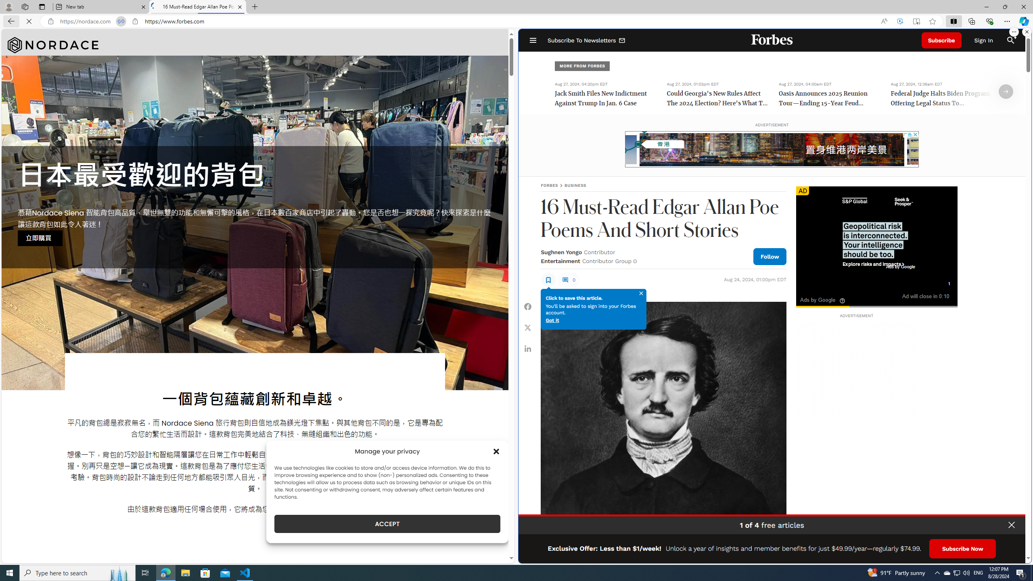  What do you see at coordinates (916, 21) in the screenshot?
I see `'Enter Immersive Reader (F9)'` at bounding box center [916, 21].